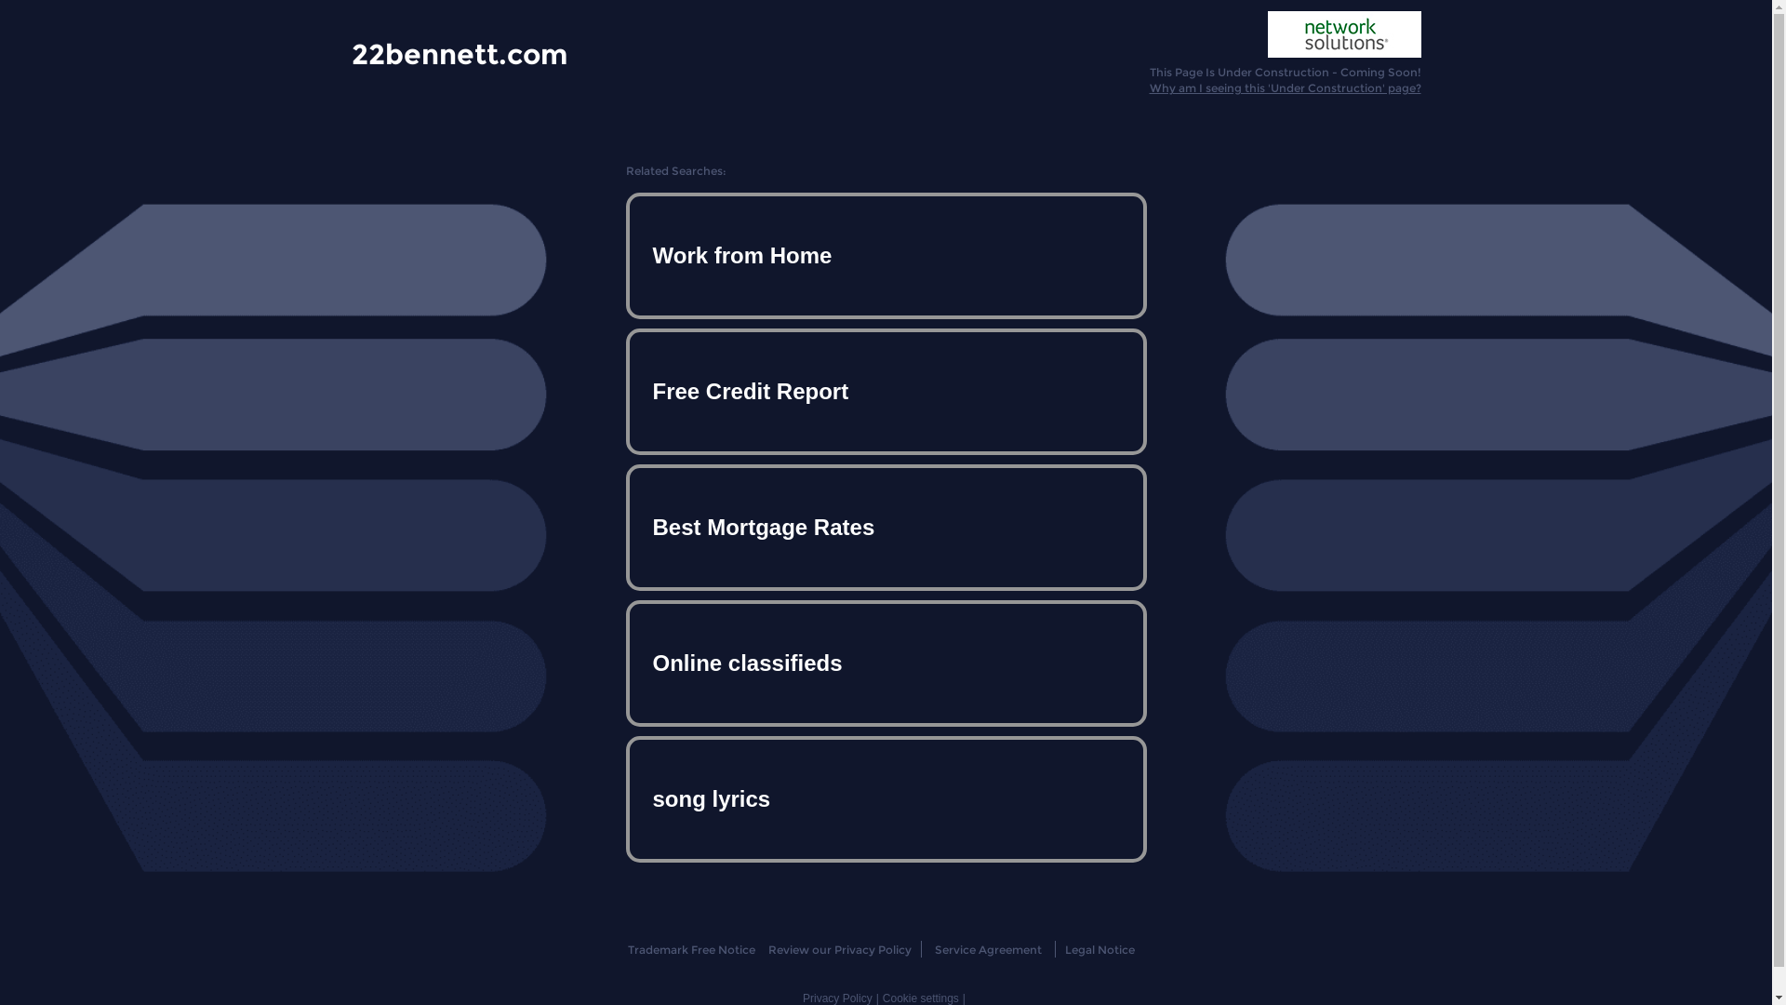  Describe the element at coordinates (838, 949) in the screenshot. I see `'Review our Privacy Policy'` at that location.